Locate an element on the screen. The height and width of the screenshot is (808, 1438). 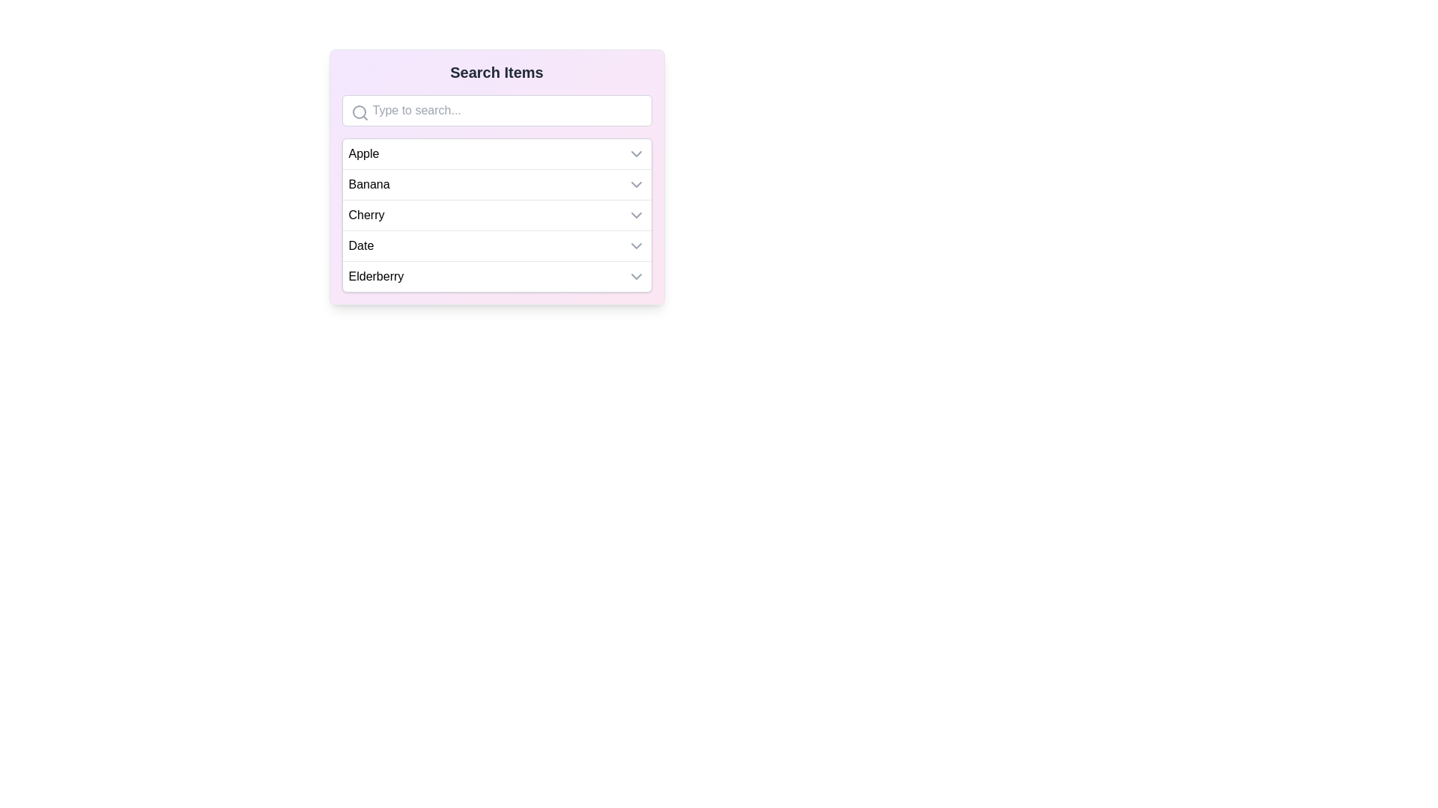
the downward-pointing gray chevron dropdown toggle icon located on the right side of the 'Cherry' row is located at coordinates (636, 215).